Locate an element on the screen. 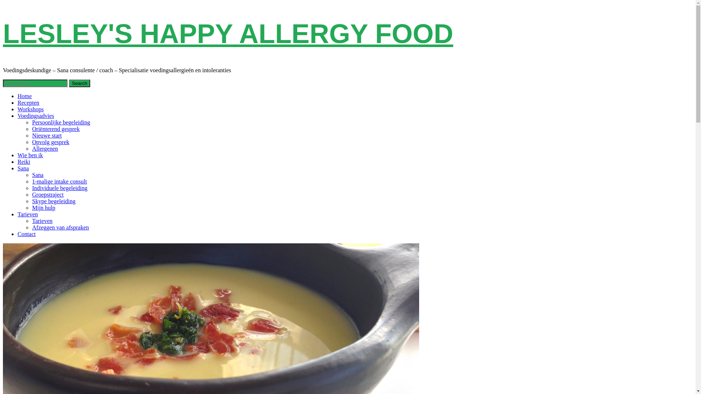 This screenshot has height=394, width=701. 'Skype begeleiding' is located at coordinates (31, 201).